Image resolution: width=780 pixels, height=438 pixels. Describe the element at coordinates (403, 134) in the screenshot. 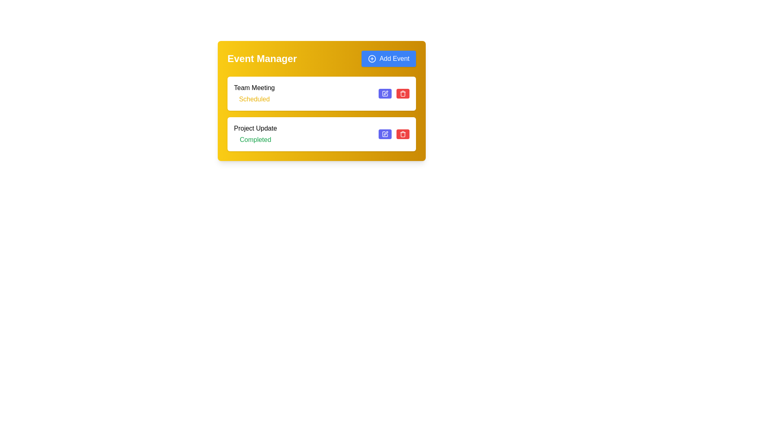

I see `the trash can icon within the delete button located to the right of the 'Project Update' event entry in the second row of the event list` at that location.